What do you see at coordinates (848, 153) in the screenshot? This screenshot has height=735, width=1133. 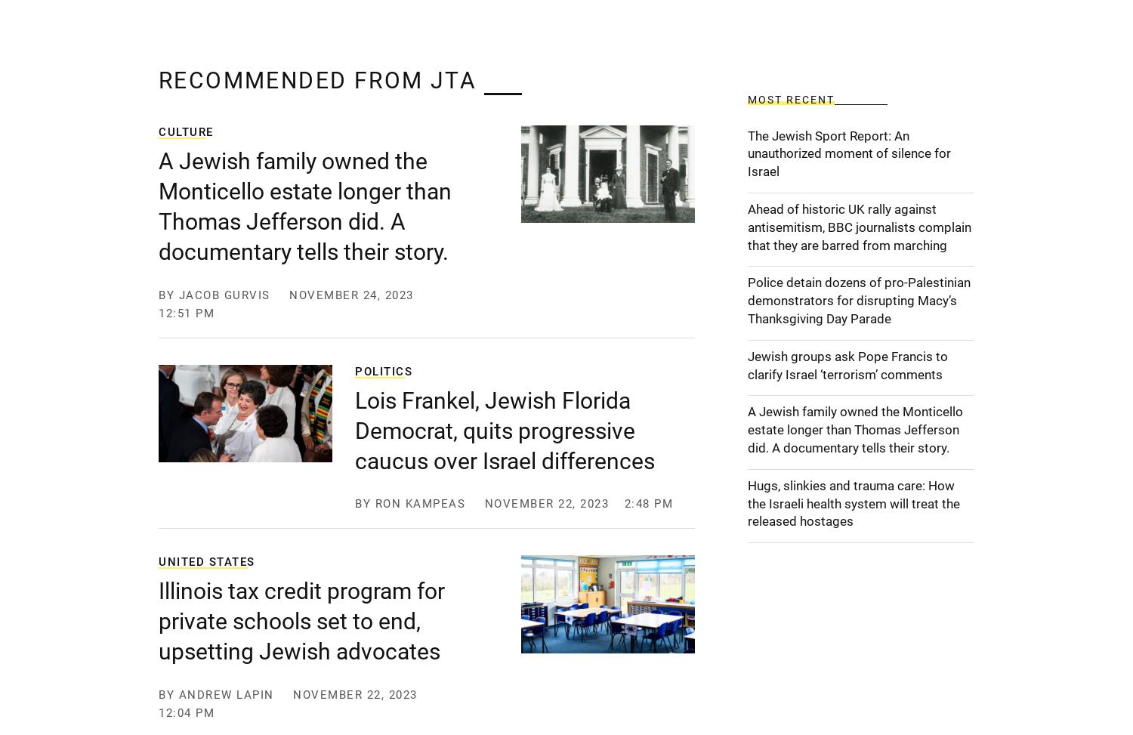 I see `'The Jewish Sport Report: An unauthorized moment of silence for Israel'` at bounding box center [848, 153].